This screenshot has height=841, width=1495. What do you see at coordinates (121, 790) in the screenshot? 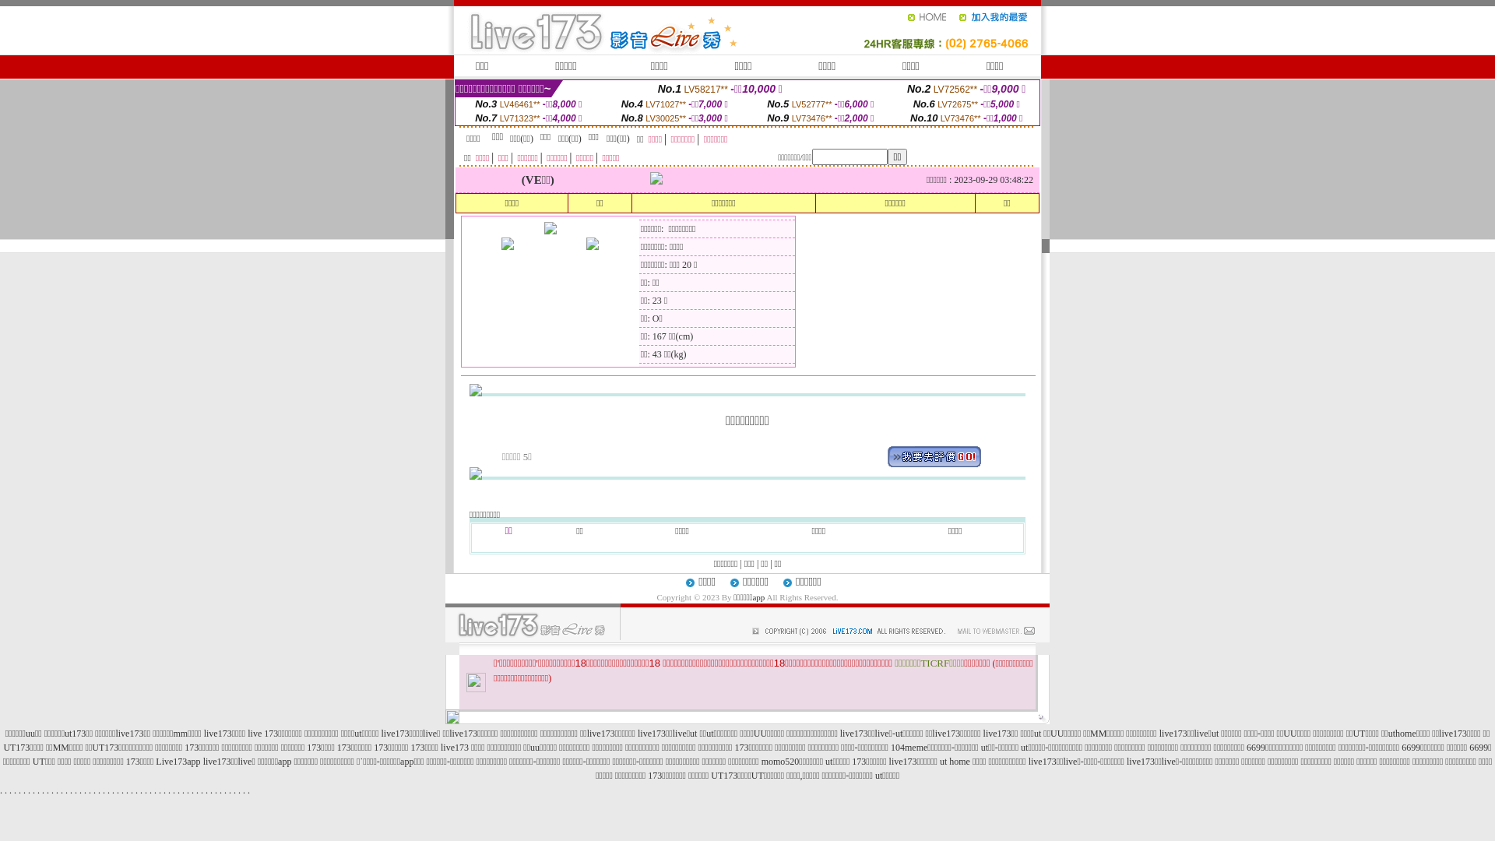
I see `'.'` at bounding box center [121, 790].